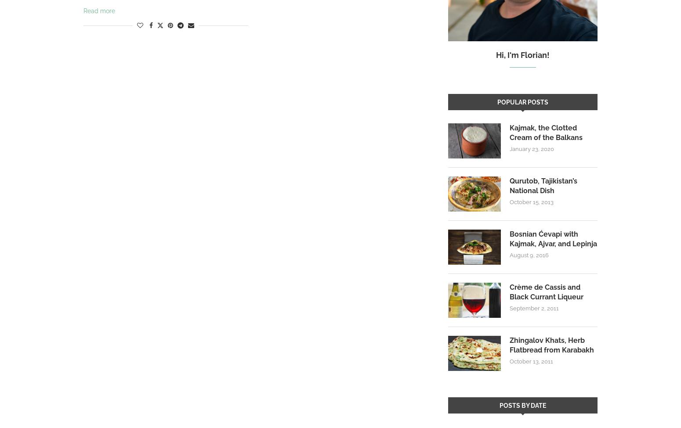 This screenshot has width=681, height=428. Describe the element at coordinates (191, 44) in the screenshot. I see `'Email'` at that location.